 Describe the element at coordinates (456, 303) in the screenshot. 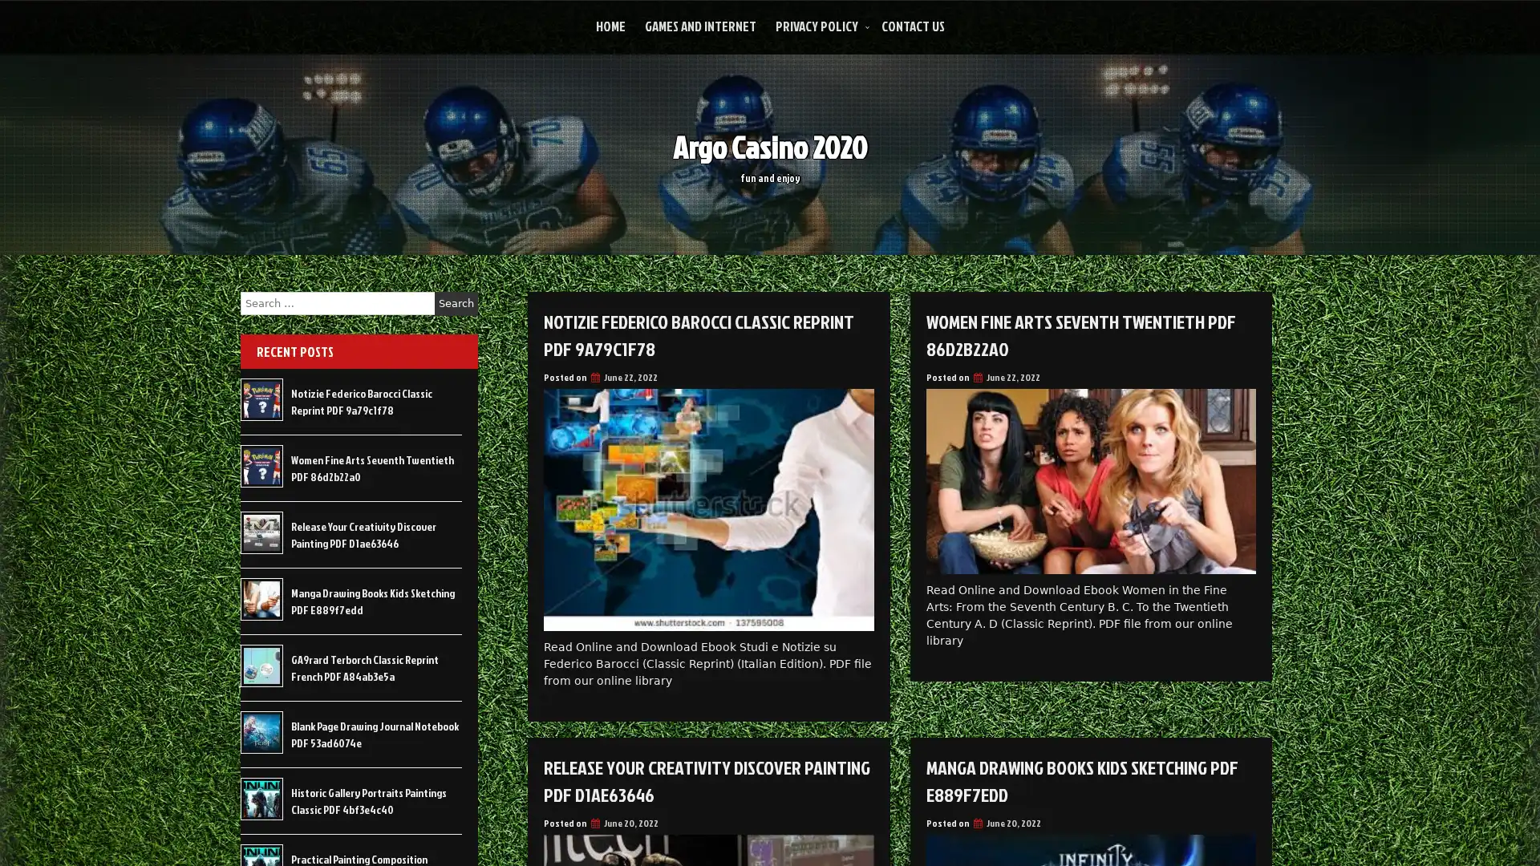

I see `Search` at that location.